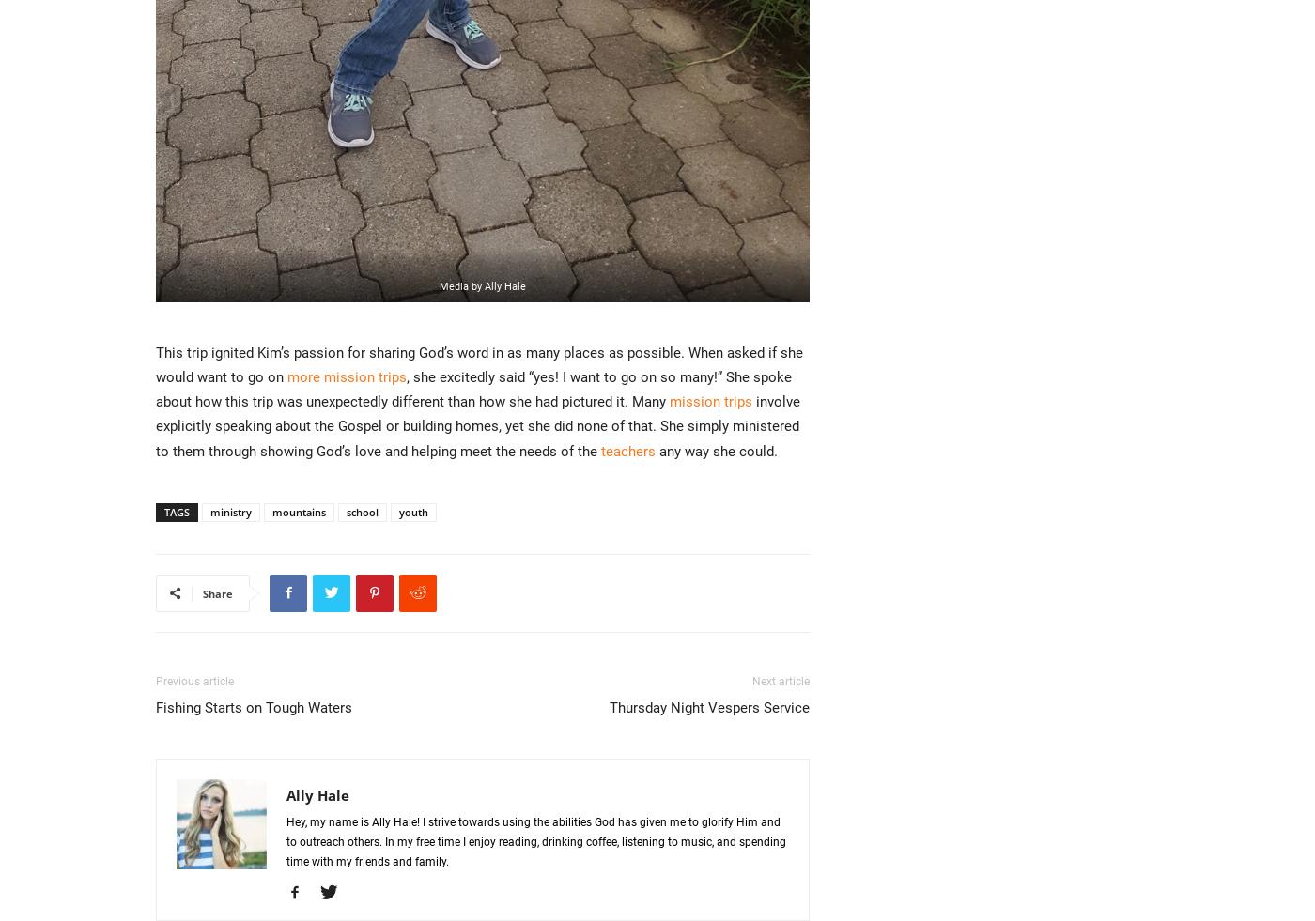 Image resolution: width=1315 pixels, height=921 pixels. I want to click on 'mountains', so click(299, 511).